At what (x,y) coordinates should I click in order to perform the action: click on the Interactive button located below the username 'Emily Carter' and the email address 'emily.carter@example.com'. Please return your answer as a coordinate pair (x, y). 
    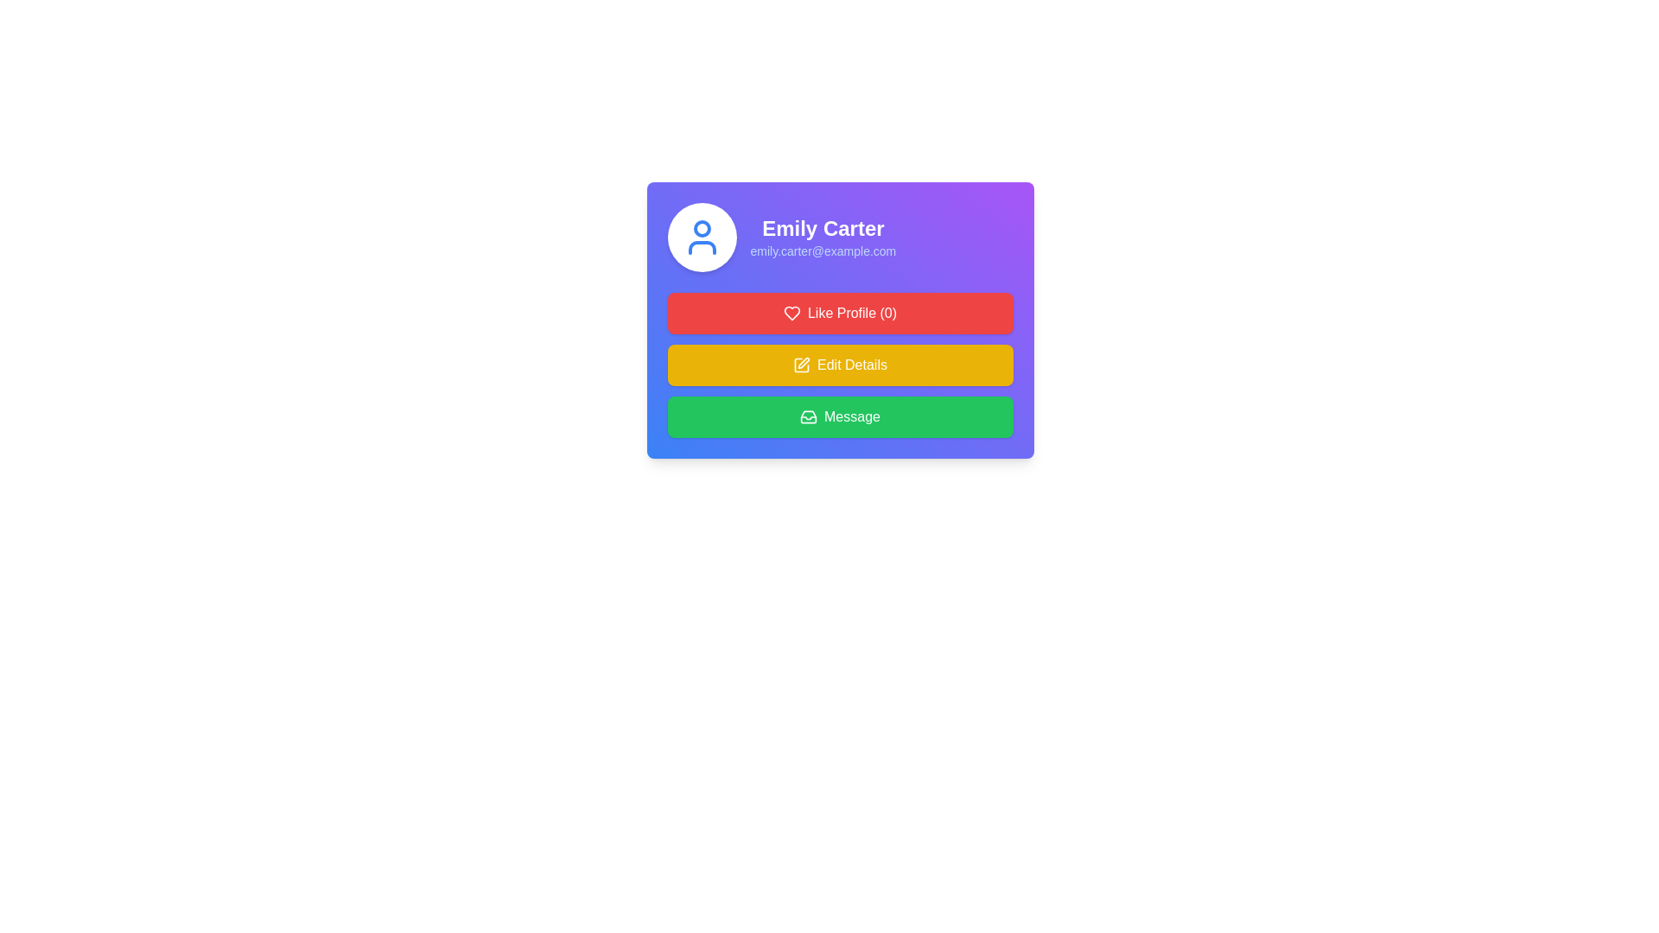
    Looking at the image, I should click on (840, 320).